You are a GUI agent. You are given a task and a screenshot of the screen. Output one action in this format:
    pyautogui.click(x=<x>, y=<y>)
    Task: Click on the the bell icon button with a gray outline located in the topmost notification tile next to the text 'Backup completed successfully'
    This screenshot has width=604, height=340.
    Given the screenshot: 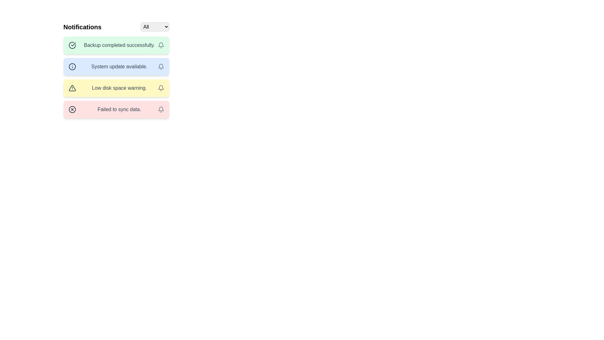 What is the action you would take?
    pyautogui.click(x=161, y=45)
    